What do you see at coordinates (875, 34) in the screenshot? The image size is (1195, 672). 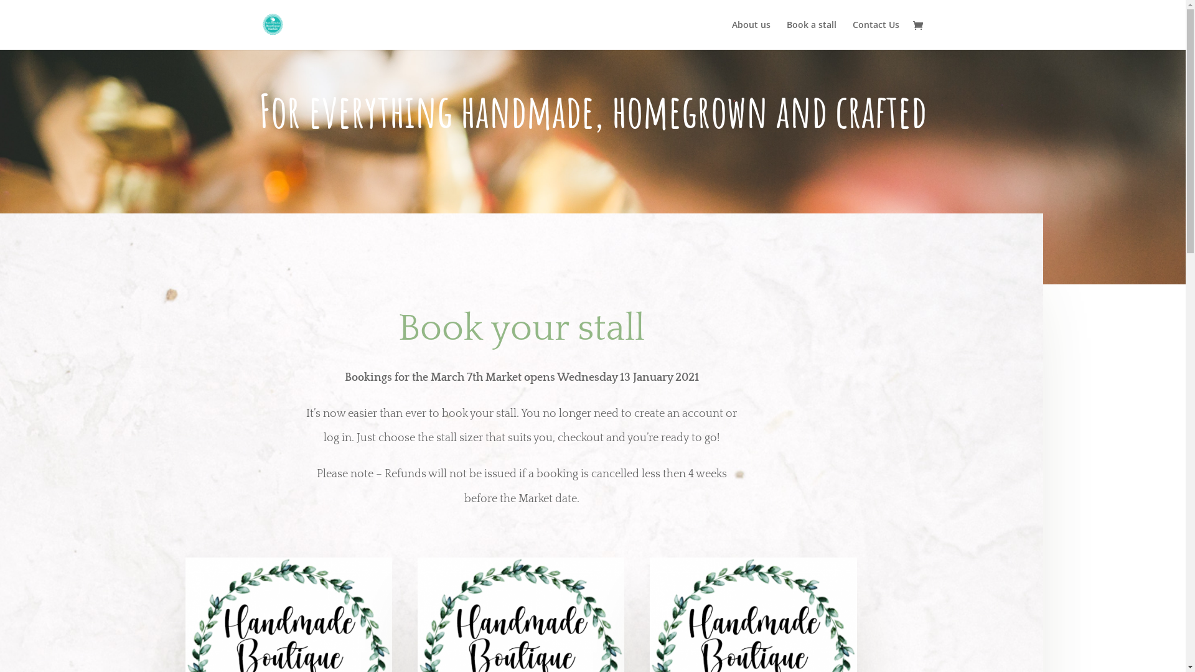 I see `'Contact Us'` at bounding box center [875, 34].